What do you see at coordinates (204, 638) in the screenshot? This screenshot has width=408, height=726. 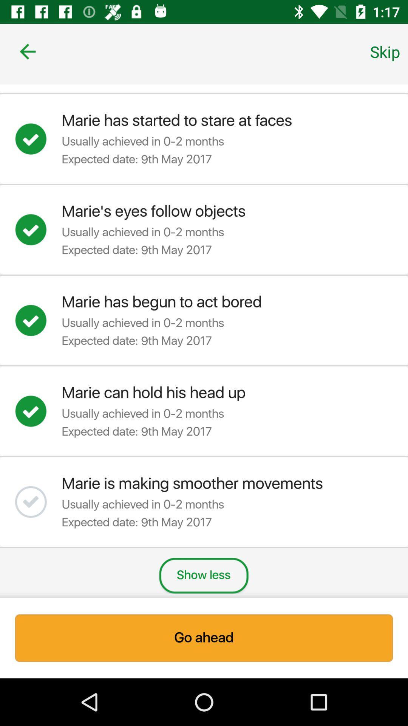 I see `item below show less` at bounding box center [204, 638].